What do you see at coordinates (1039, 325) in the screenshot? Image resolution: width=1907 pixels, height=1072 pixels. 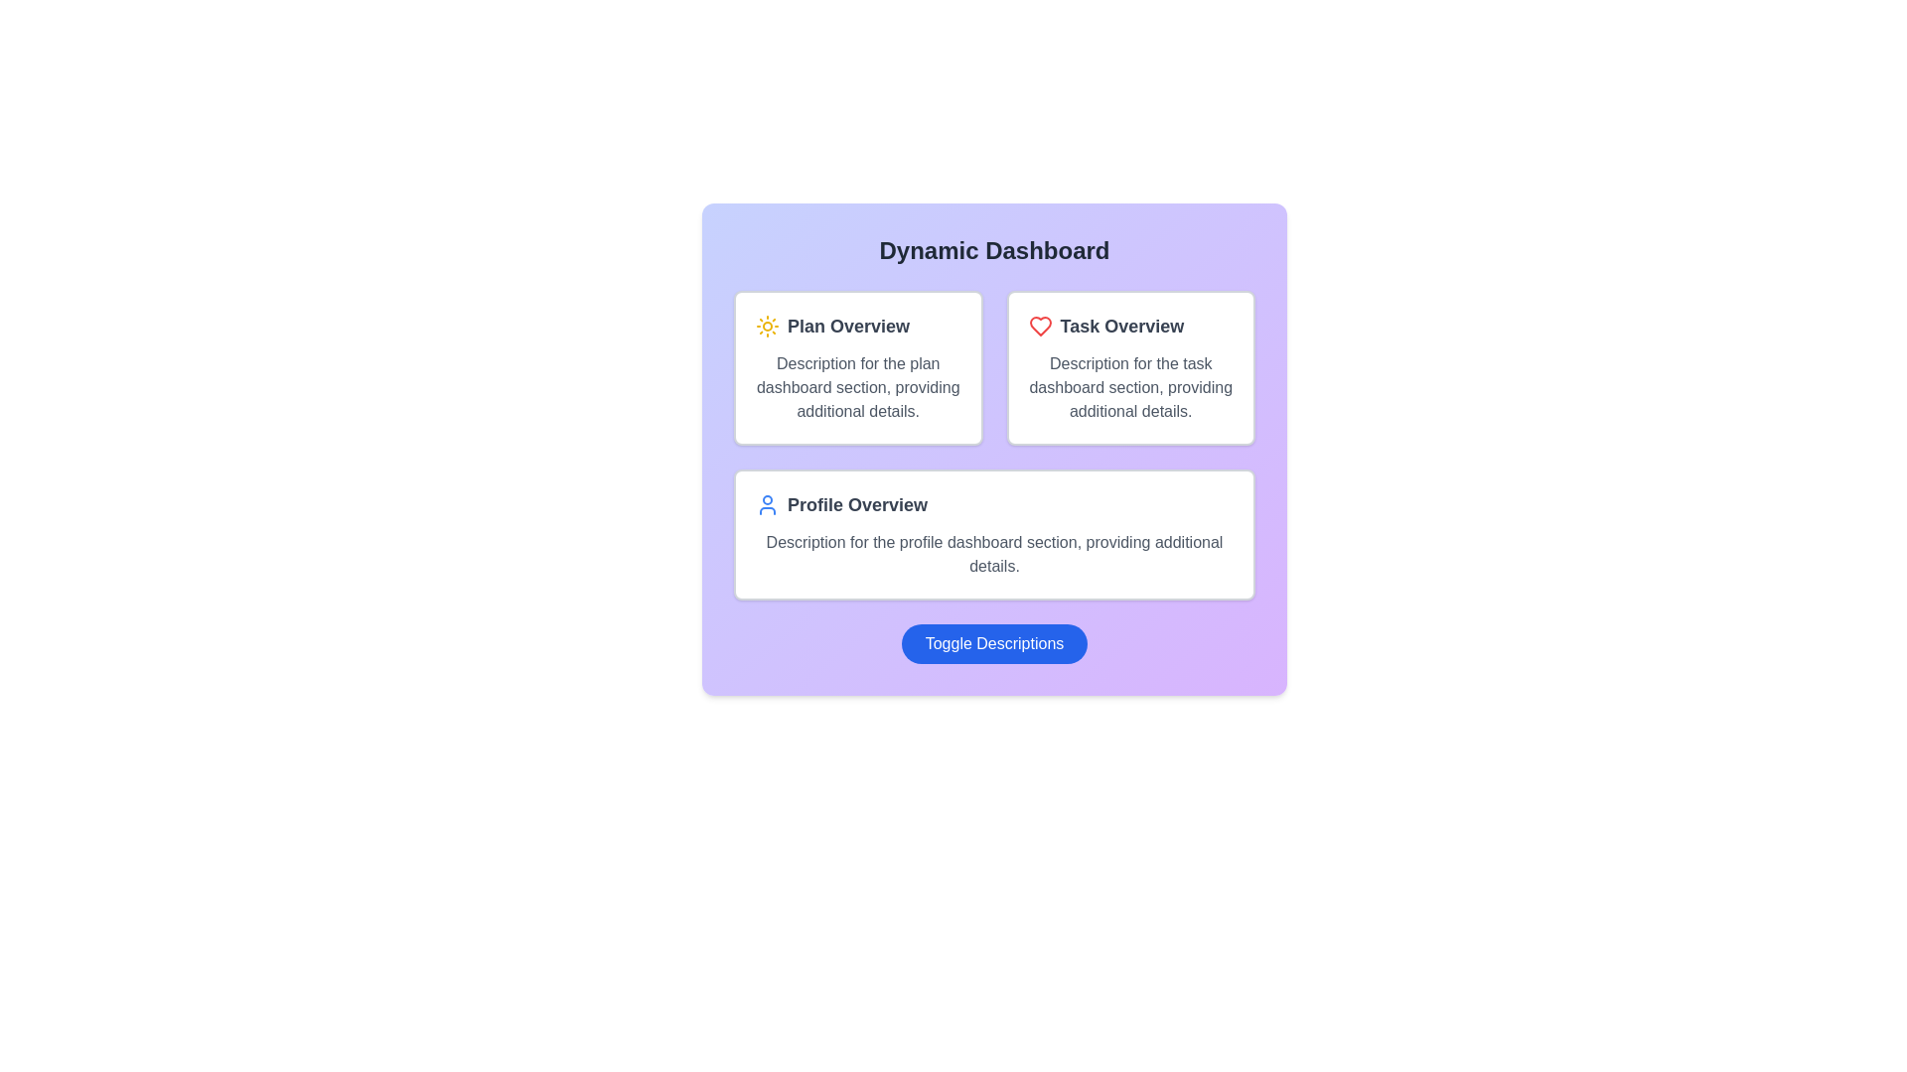 I see `the favorite icon located in the 'Task Overview' section, positioned beside its title, to mark it as favorite` at bounding box center [1039, 325].